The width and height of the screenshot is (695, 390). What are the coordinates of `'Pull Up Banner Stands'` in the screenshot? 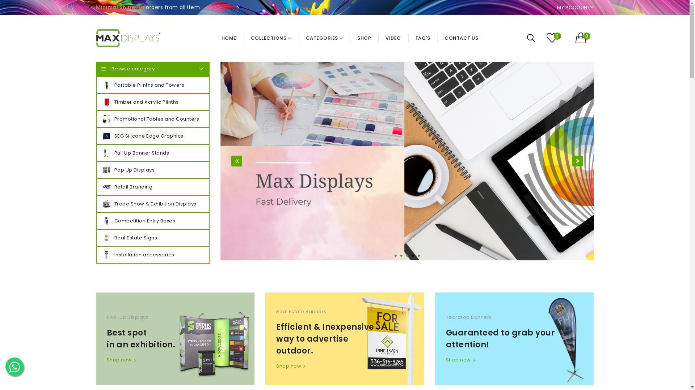 It's located at (152, 152).